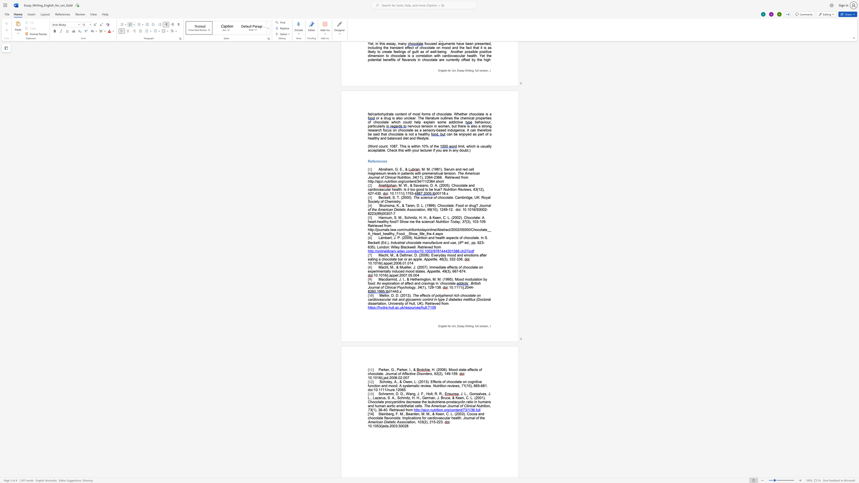 The width and height of the screenshot is (859, 483). What do you see at coordinates (404, 279) in the screenshot?
I see `the space between the continuous character "I" and "." in the text` at bounding box center [404, 279].